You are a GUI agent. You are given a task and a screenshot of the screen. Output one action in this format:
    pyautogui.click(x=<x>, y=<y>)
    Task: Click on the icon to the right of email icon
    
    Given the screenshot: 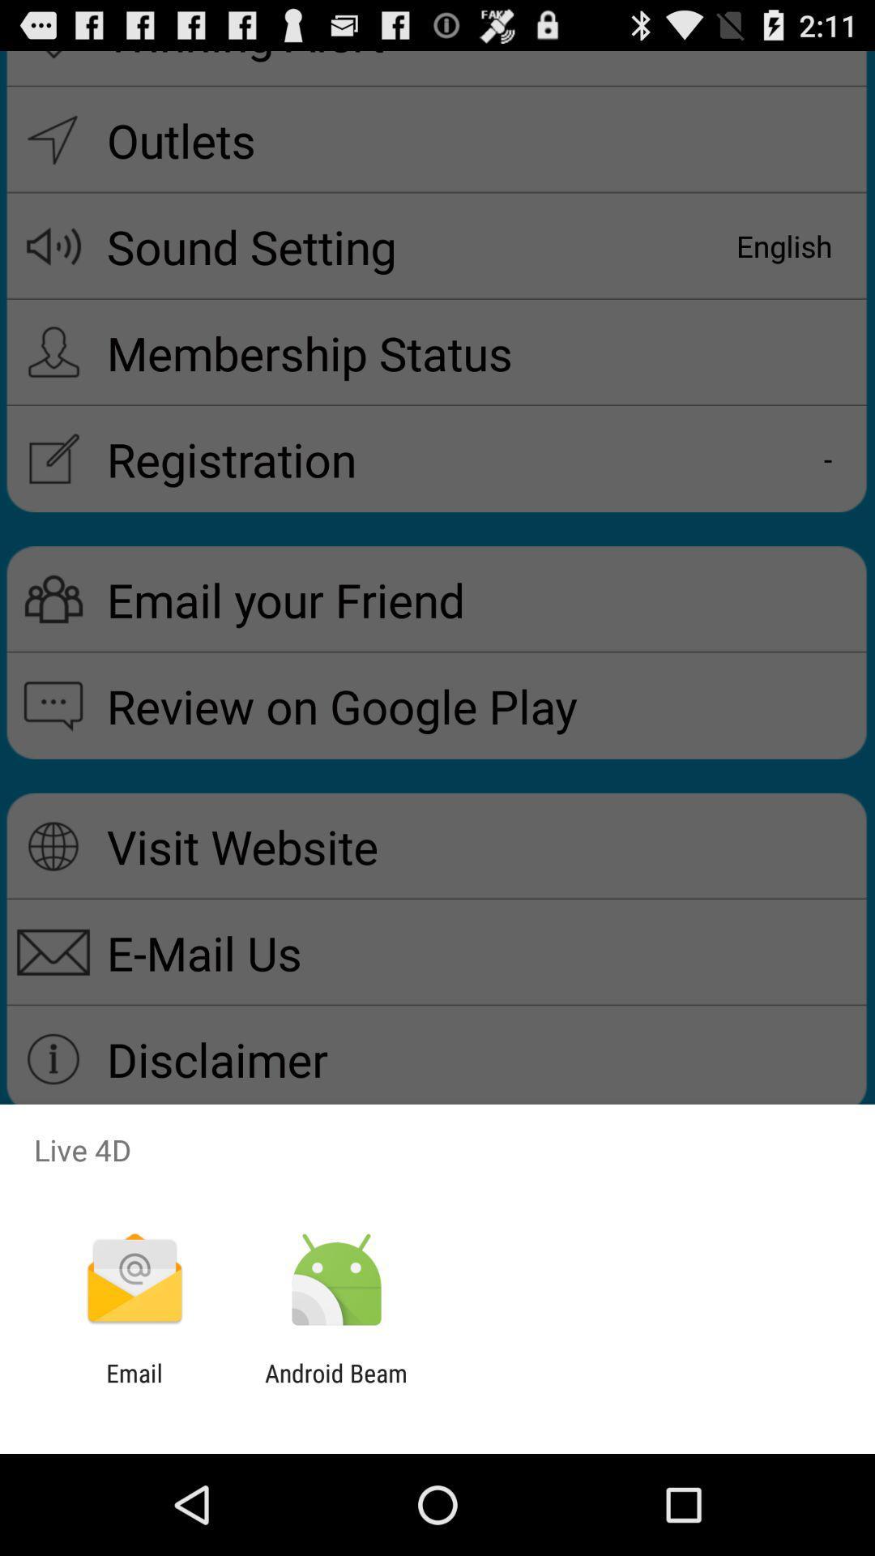 What is the action you would take?
    pyautogui.click(x=335, y=1387)
    